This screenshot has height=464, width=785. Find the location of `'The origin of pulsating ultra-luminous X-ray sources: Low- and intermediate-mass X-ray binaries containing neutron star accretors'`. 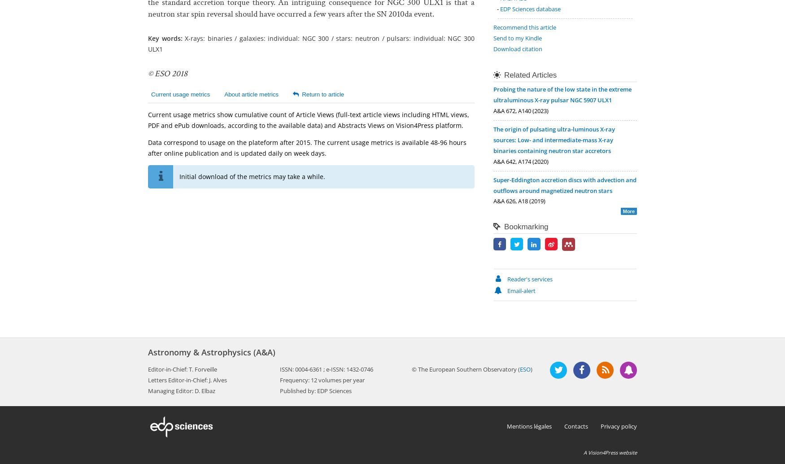

'The origin of pulsating ultra-luminous X-ray sources: Low- and intermediate-mass X-ray binaries containing neutron star accretors' is located at coordinates (554, 139).